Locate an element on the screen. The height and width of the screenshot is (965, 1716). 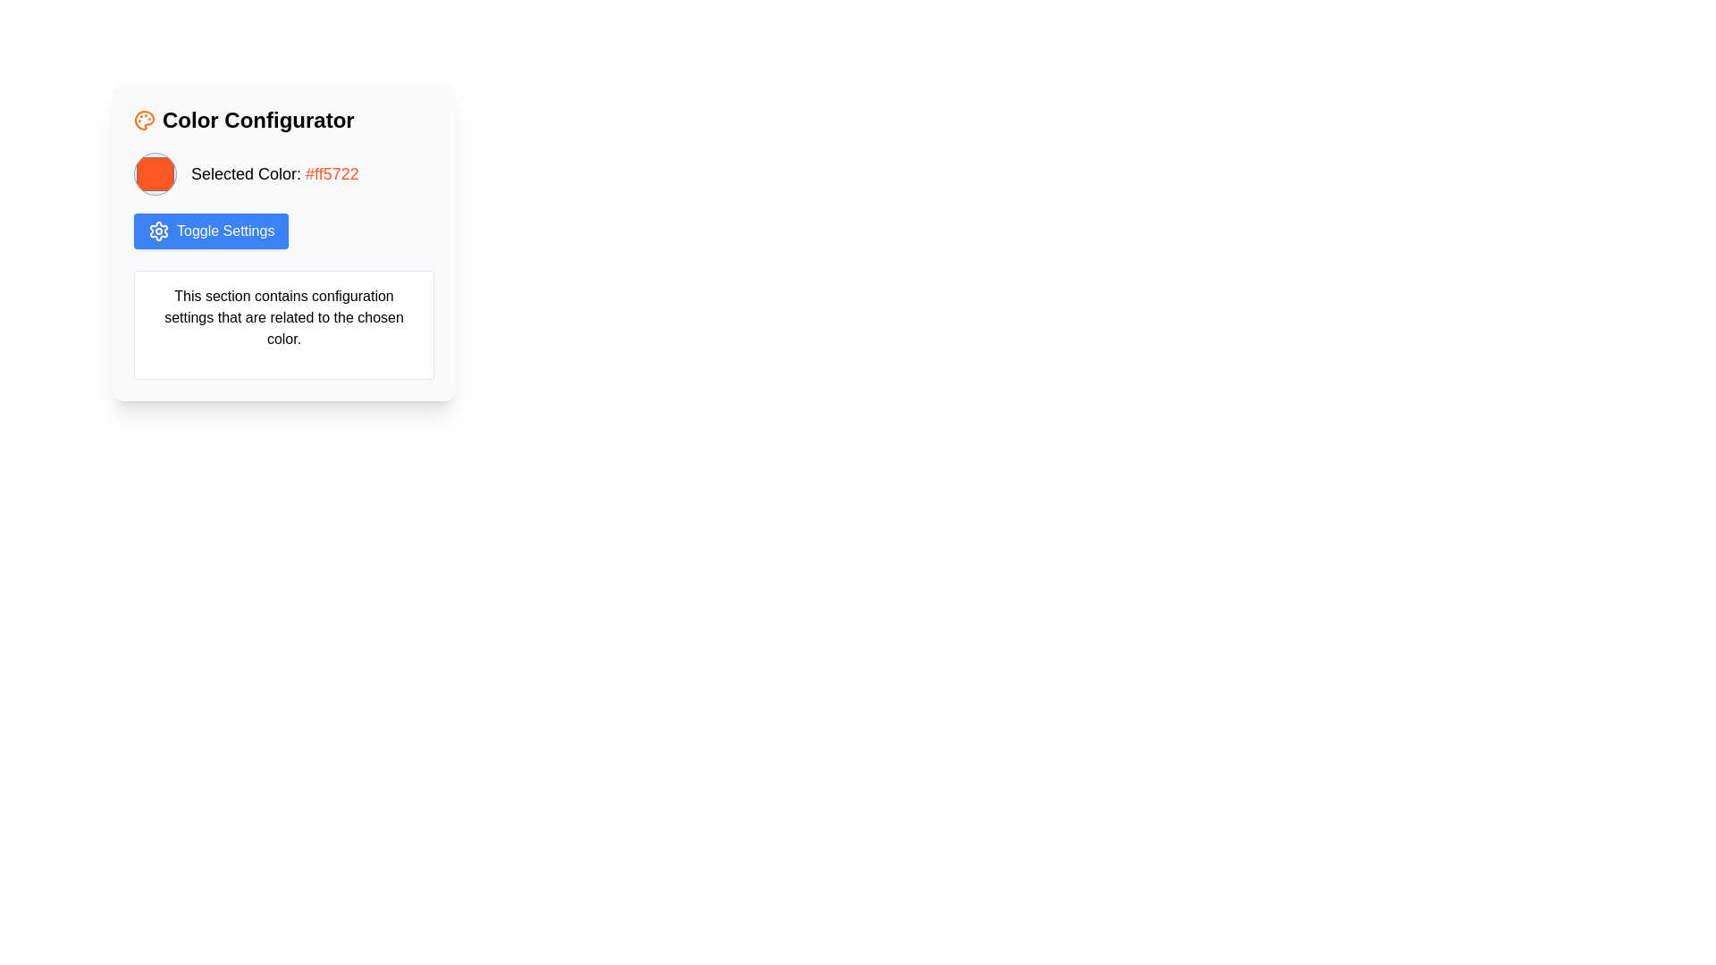
the 'Toggle Settings' button, which is a rectangular button with a blue background and a gear icon, to change its appearance is located at coordinates (211, 230).